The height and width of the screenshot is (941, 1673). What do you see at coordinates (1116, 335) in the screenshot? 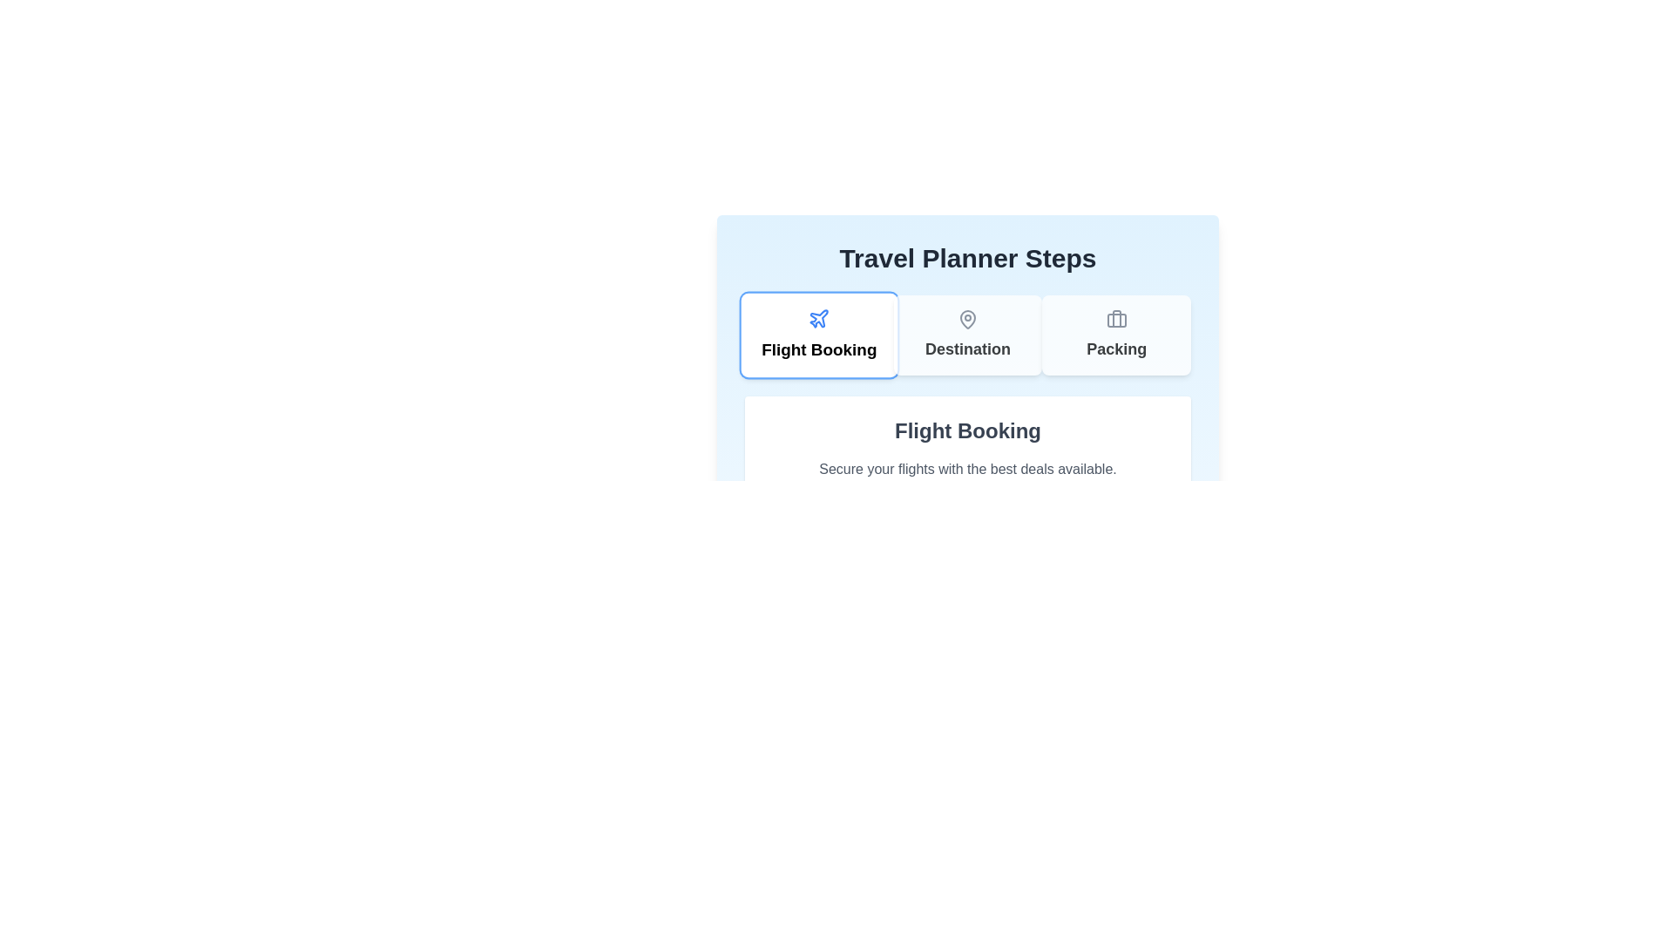
I see `the card-style informational panel displaying a suitcase icon and the text 'Packing', located in the top-right section of the 'Travel Planner Steps'` at bounding box center [1116, 335].